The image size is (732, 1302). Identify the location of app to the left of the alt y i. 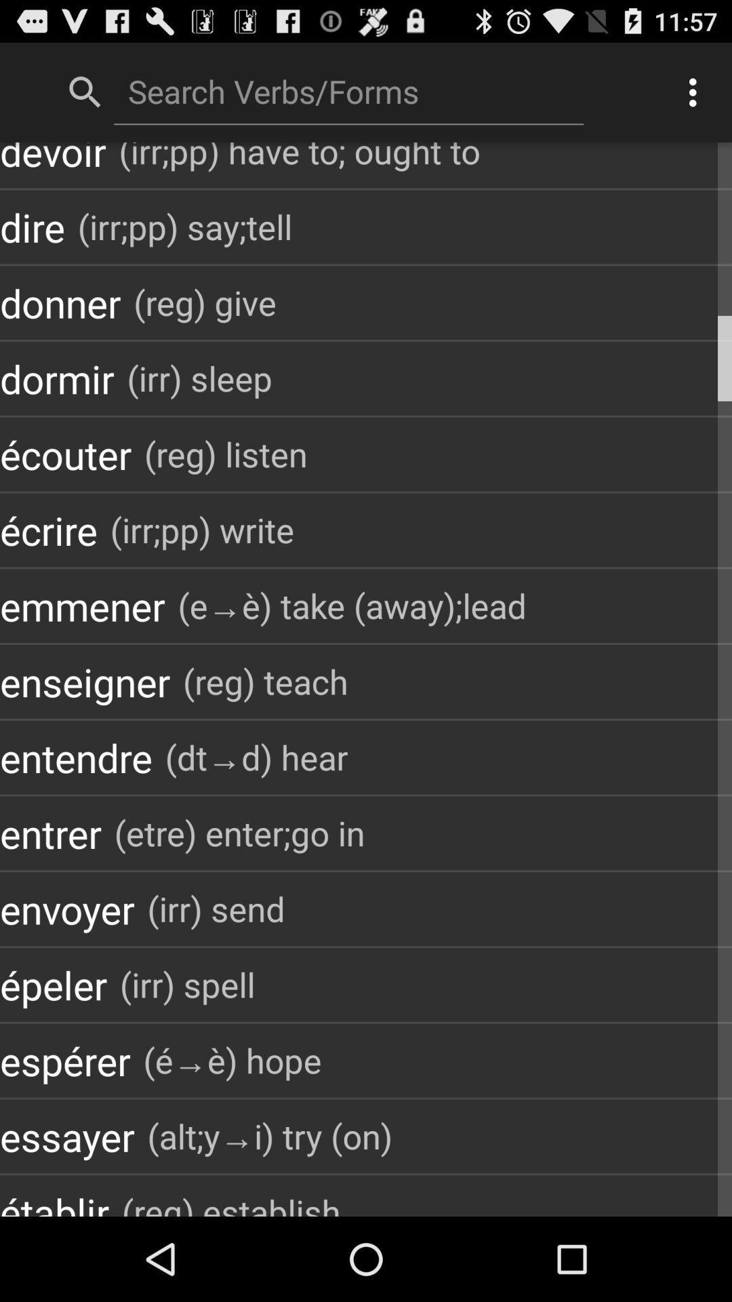
(67, 1136).